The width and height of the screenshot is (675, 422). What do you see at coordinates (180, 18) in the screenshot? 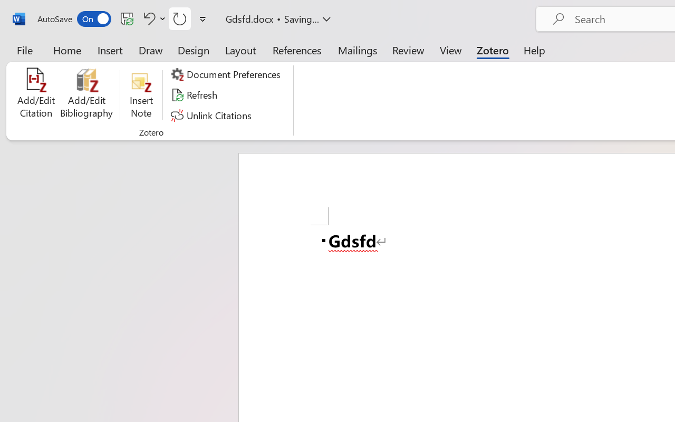
I see `'Repeat Style'` at bounding box center [180, 18].